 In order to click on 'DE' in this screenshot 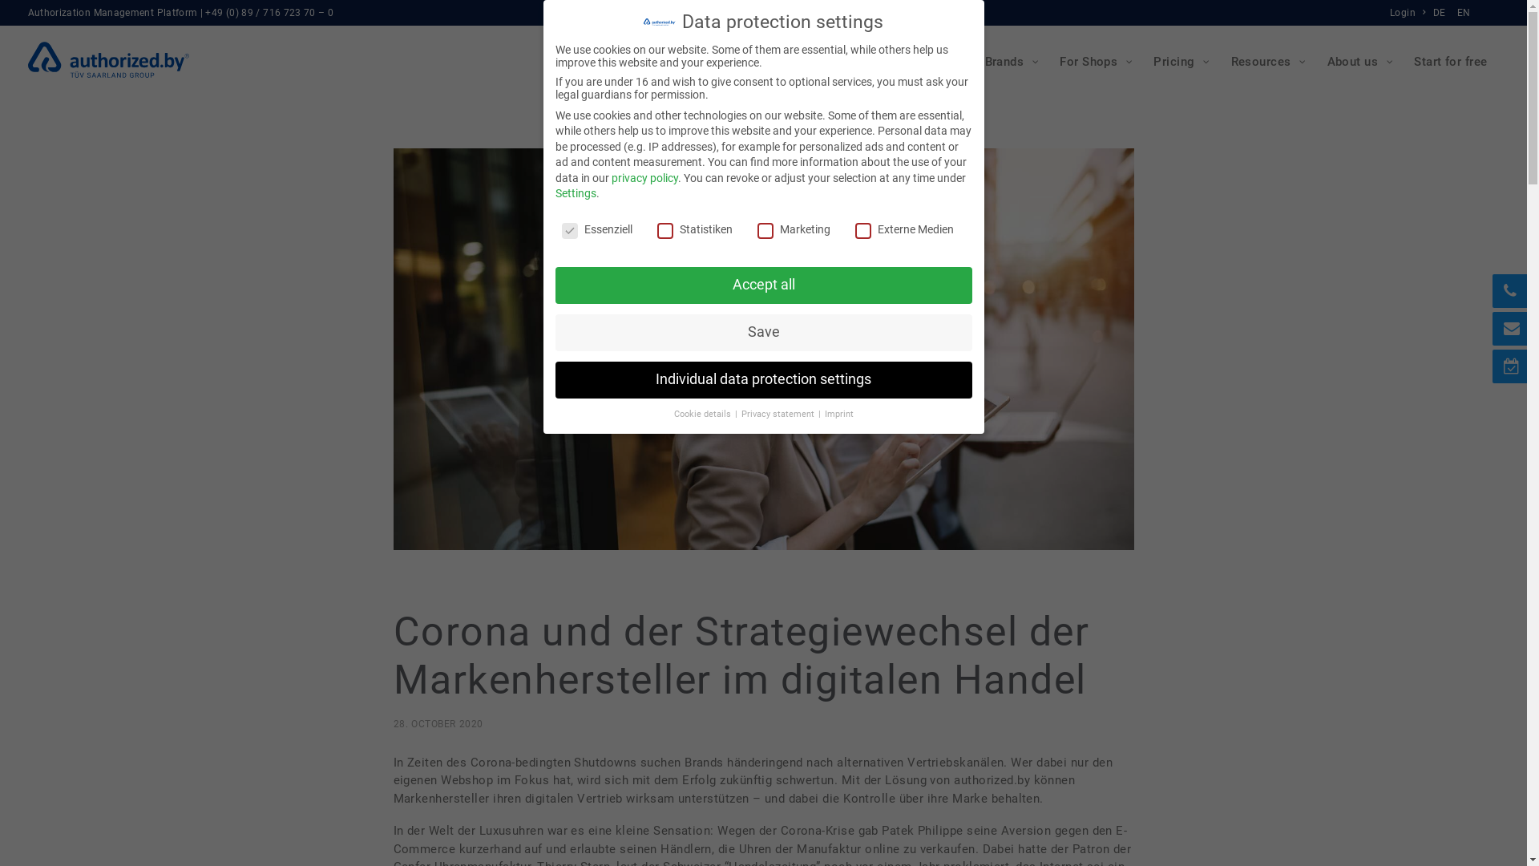, I will do `click(1441, 12)`.